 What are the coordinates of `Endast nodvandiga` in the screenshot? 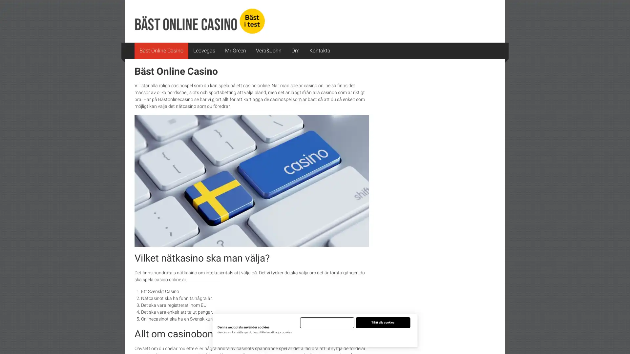 It's located at (327, 322).